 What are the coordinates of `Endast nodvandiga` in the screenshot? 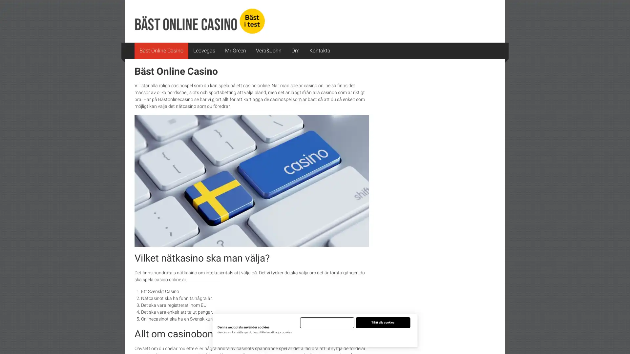 It's located at (327, 322).